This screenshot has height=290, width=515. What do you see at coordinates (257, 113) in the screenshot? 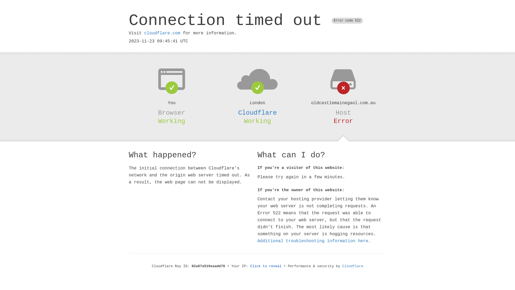
I see `'Cloudflare'` at bounding box center [257, 113].